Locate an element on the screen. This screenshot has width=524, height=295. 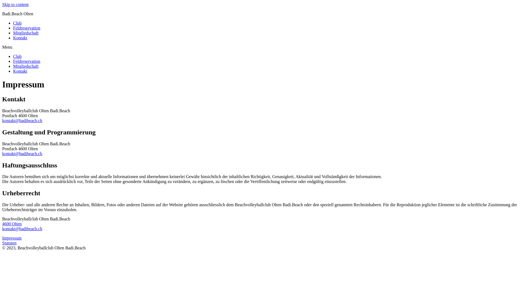
'kontakt@badibeach.ch' is located at coordinates (22, 120).